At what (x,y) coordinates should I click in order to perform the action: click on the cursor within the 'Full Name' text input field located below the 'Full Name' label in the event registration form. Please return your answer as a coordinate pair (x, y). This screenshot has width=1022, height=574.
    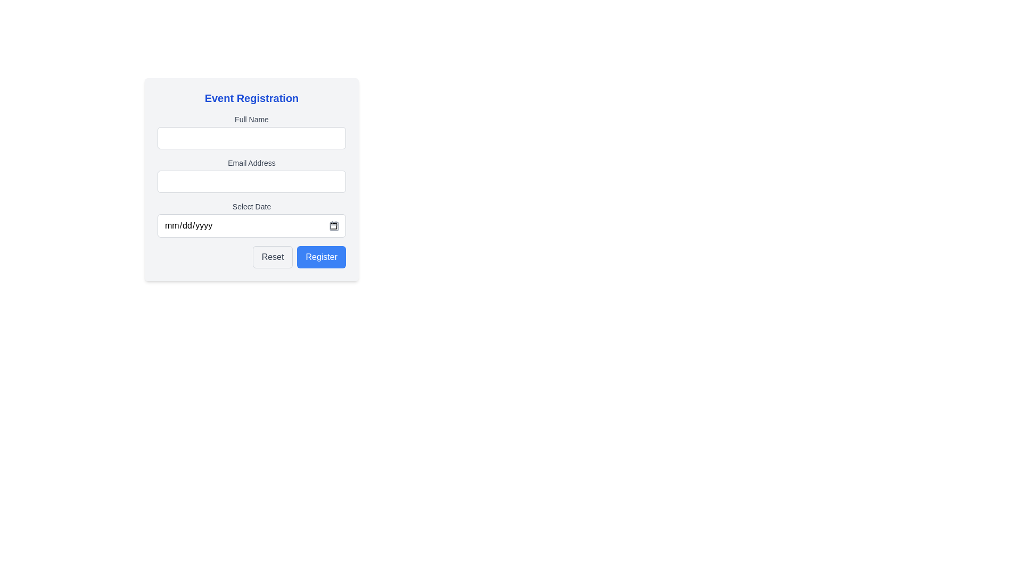
    Looking at the image, I should click on (251, 137).